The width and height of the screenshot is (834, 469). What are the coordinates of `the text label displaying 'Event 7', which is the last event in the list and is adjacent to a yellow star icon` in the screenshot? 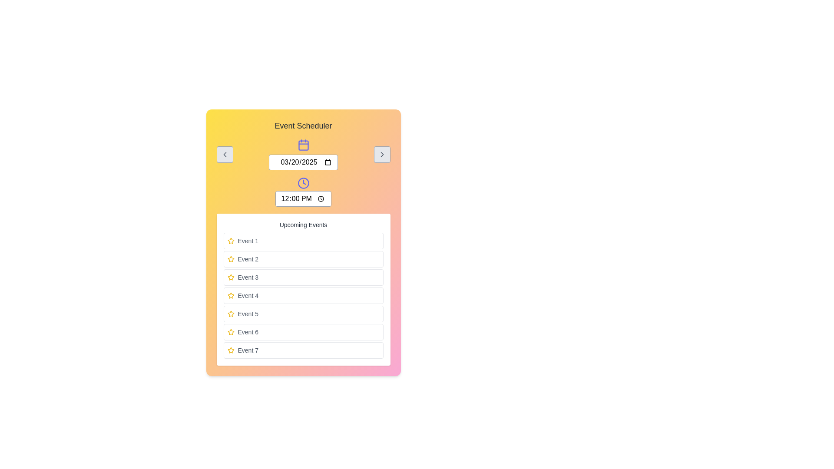 It's located at (248, 350).